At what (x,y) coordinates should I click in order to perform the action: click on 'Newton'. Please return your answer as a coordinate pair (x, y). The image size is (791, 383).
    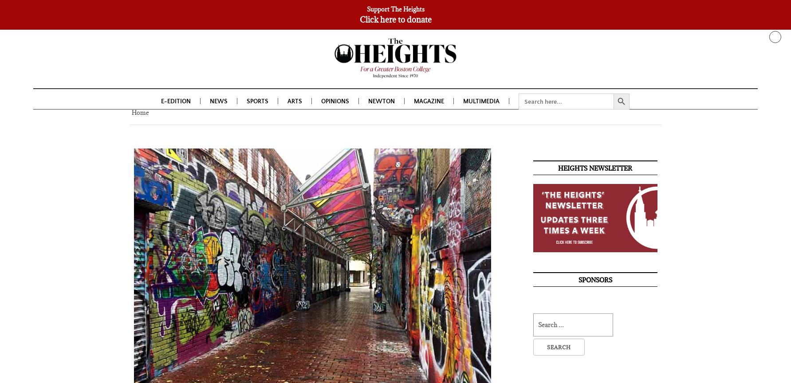
    Looking at the image, I should click on (381, 103).